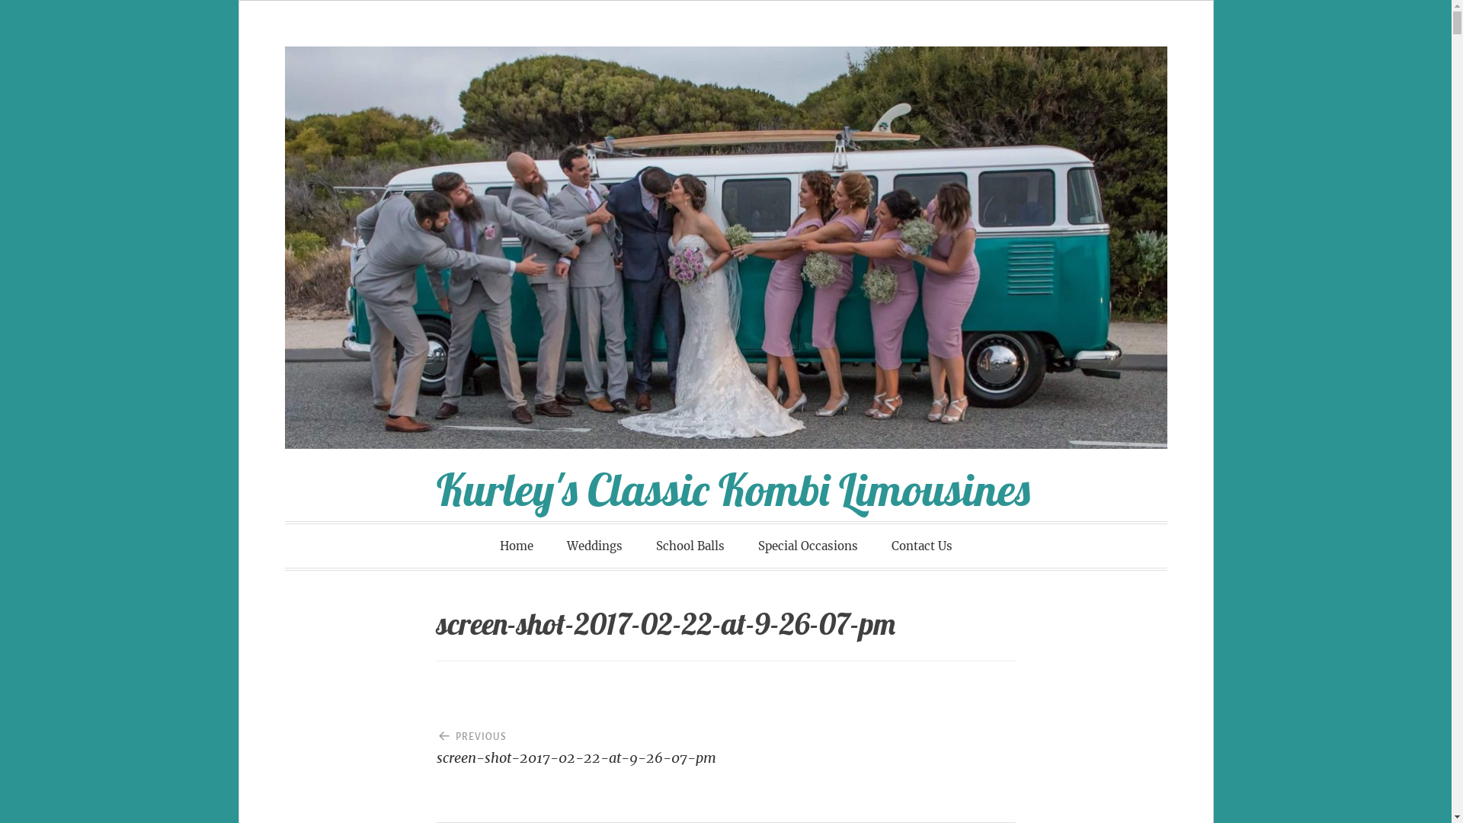 Image resolution: width=1463 pixels, height=823 pixels. Describe the element at coordinates (876, 545) in the screenshot. I see `'Contact Us'` at that location.